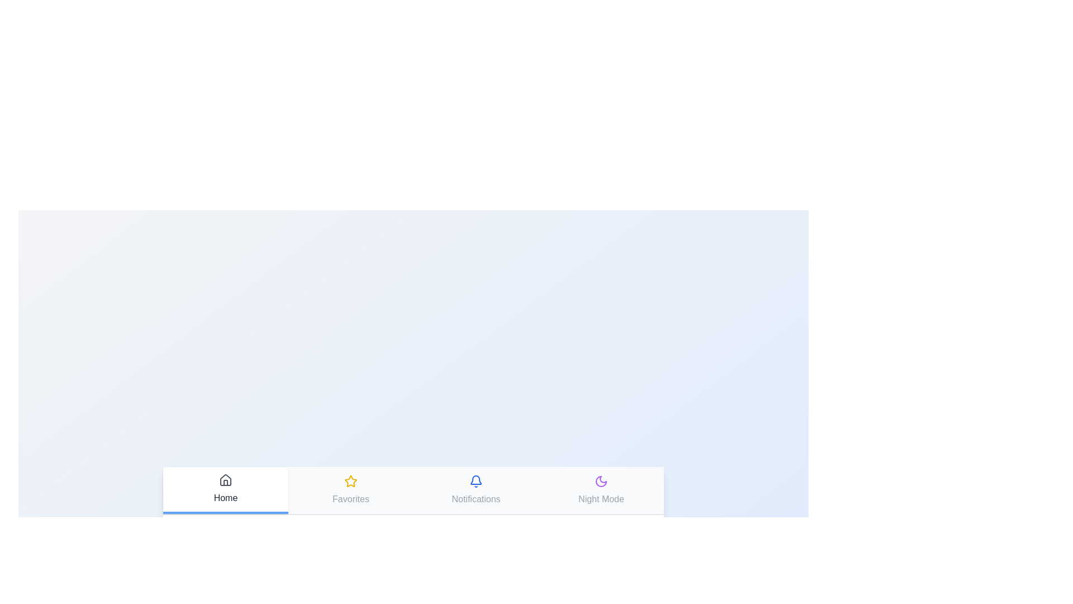 This screenshot has height=604, width=1073. I want to click on the tab labeled Night Mode, so click(600, 489).